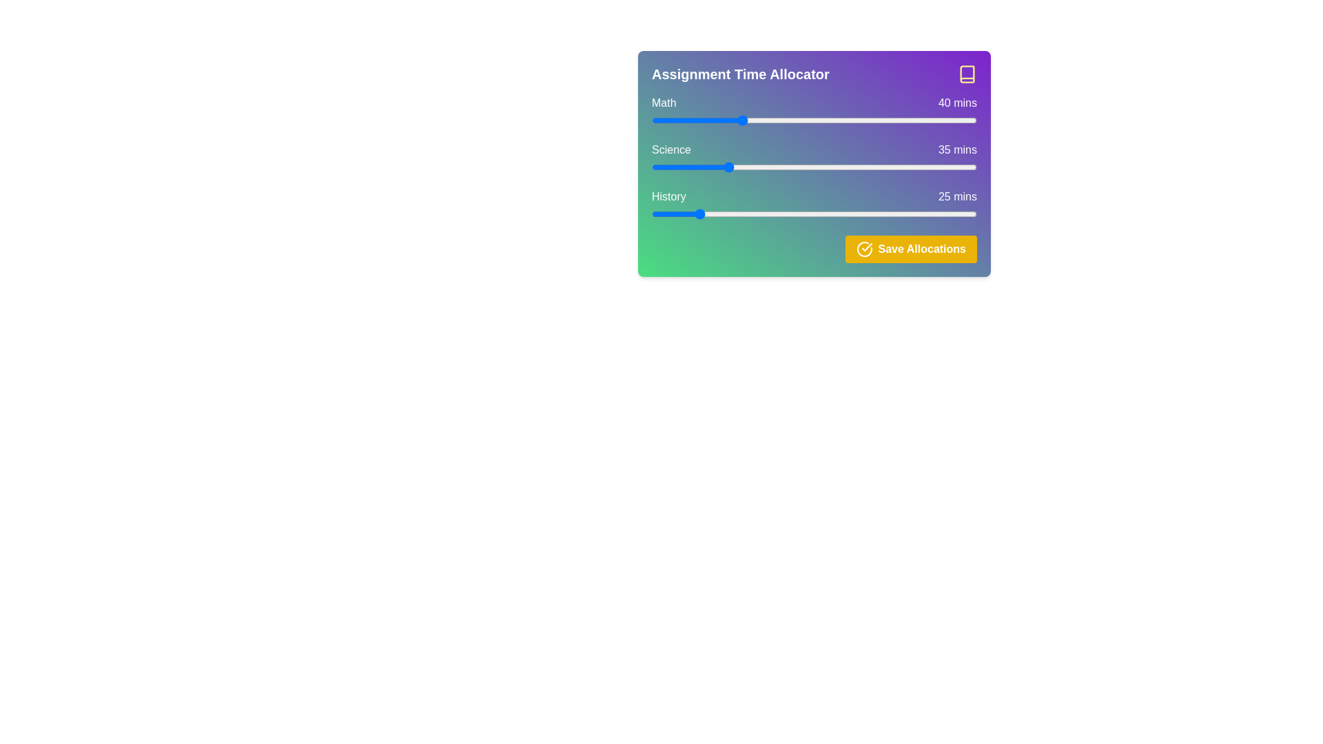 The height and width of the screenshot is (744, 1323). What do you see at coordinates (814, 150) in the screenshot?
I see `the informational text label for the 'Science' slider, which displays the category name and current value (35 minutes), positioned between the 'Math' and 'History' labels` at bounding box center [814, 150].